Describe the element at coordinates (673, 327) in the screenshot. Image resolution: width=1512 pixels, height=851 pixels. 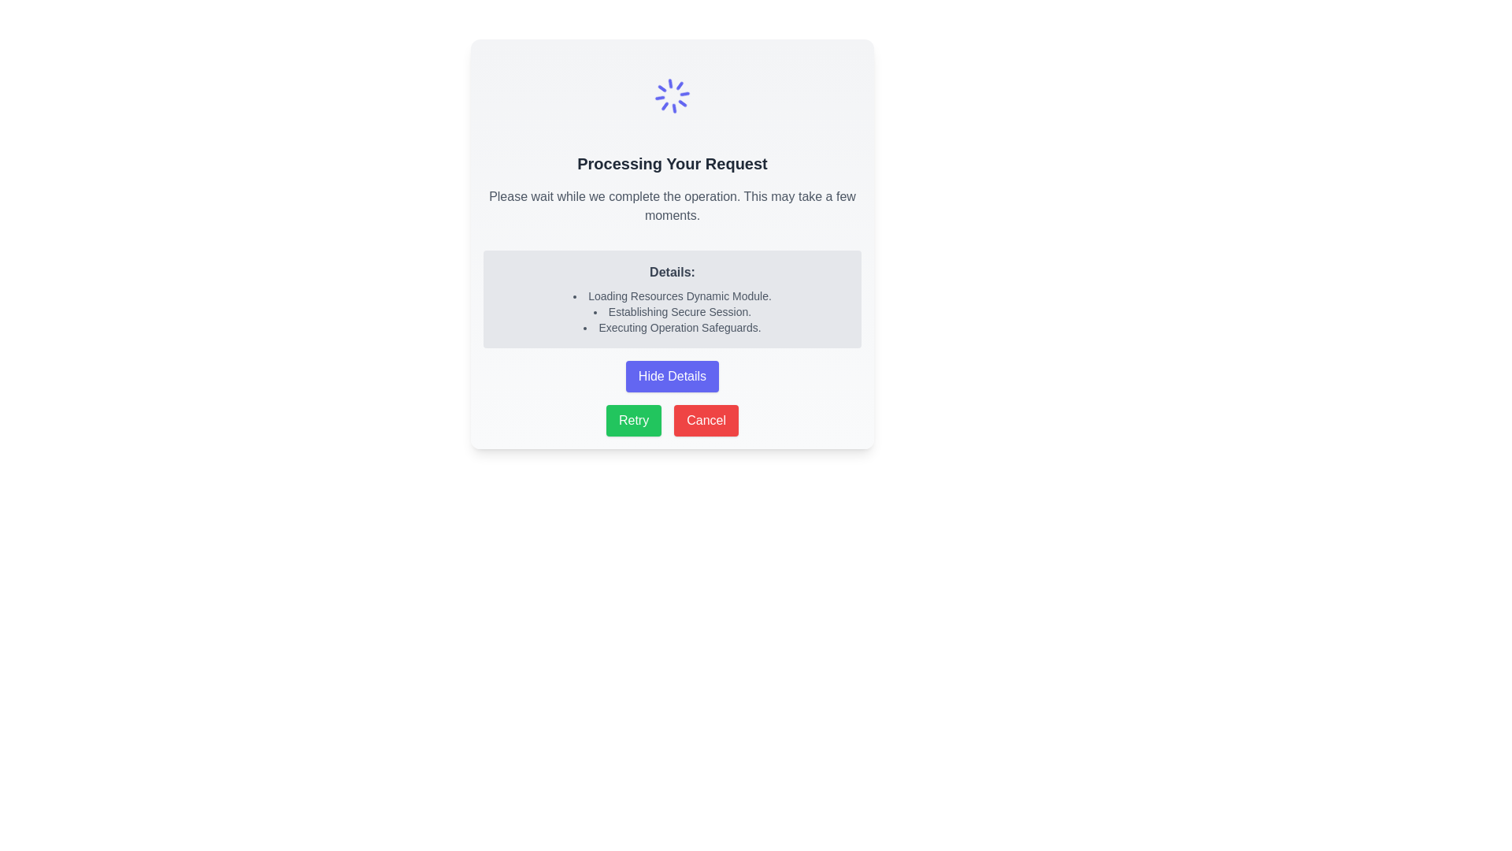
I see `the static text element that provides a real-time status update indicating that the system is executing operational safeguards, which is the last item in a vertical list within the 'Details' area` at that location.